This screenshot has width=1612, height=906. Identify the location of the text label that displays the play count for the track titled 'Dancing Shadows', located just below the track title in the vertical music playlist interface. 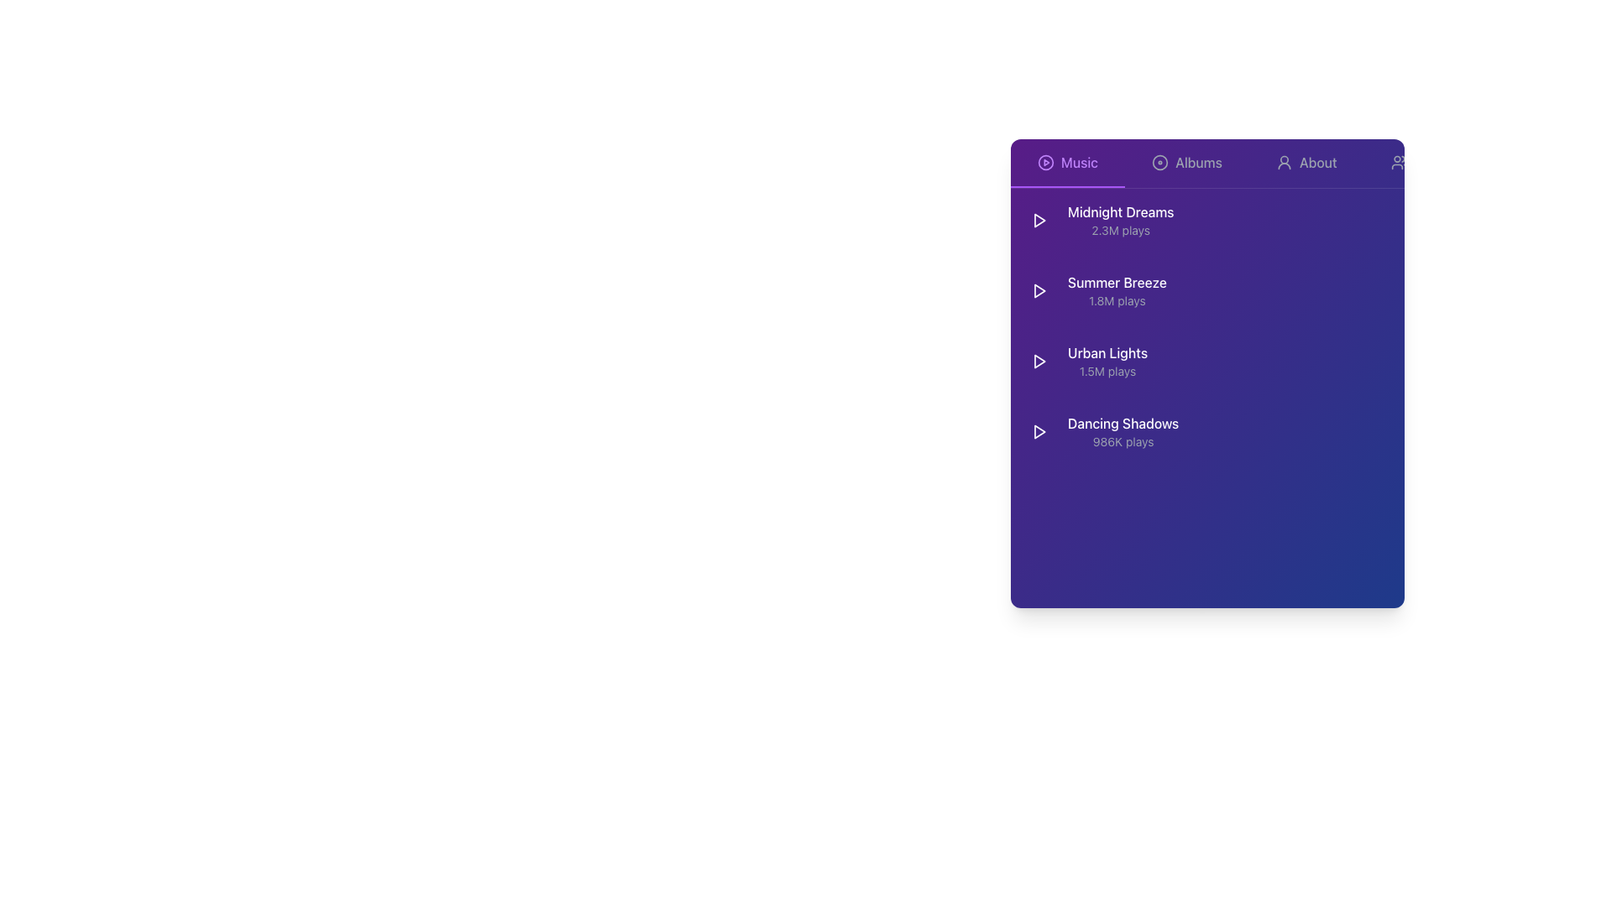
(1123, 441).